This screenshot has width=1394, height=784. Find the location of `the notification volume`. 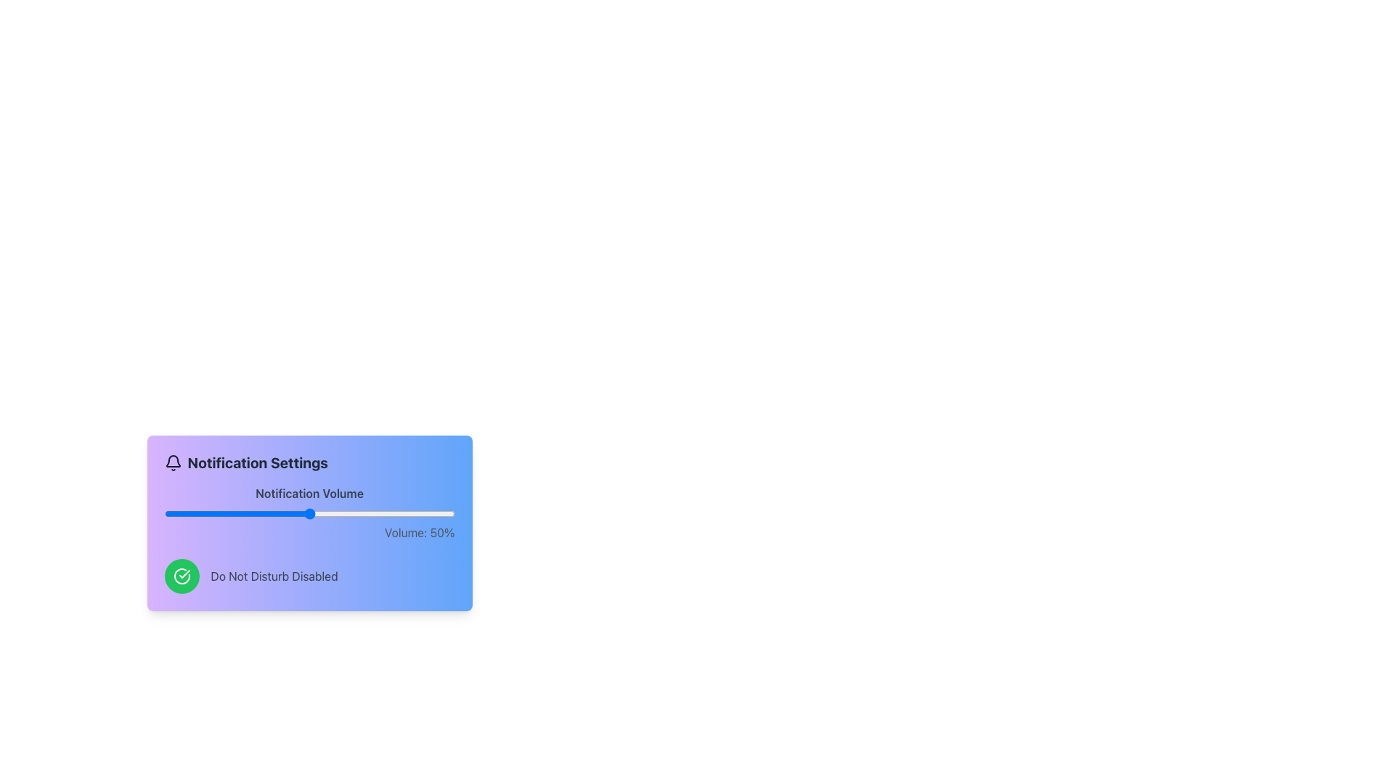

the notification volume is located at coordinates (394, 513).